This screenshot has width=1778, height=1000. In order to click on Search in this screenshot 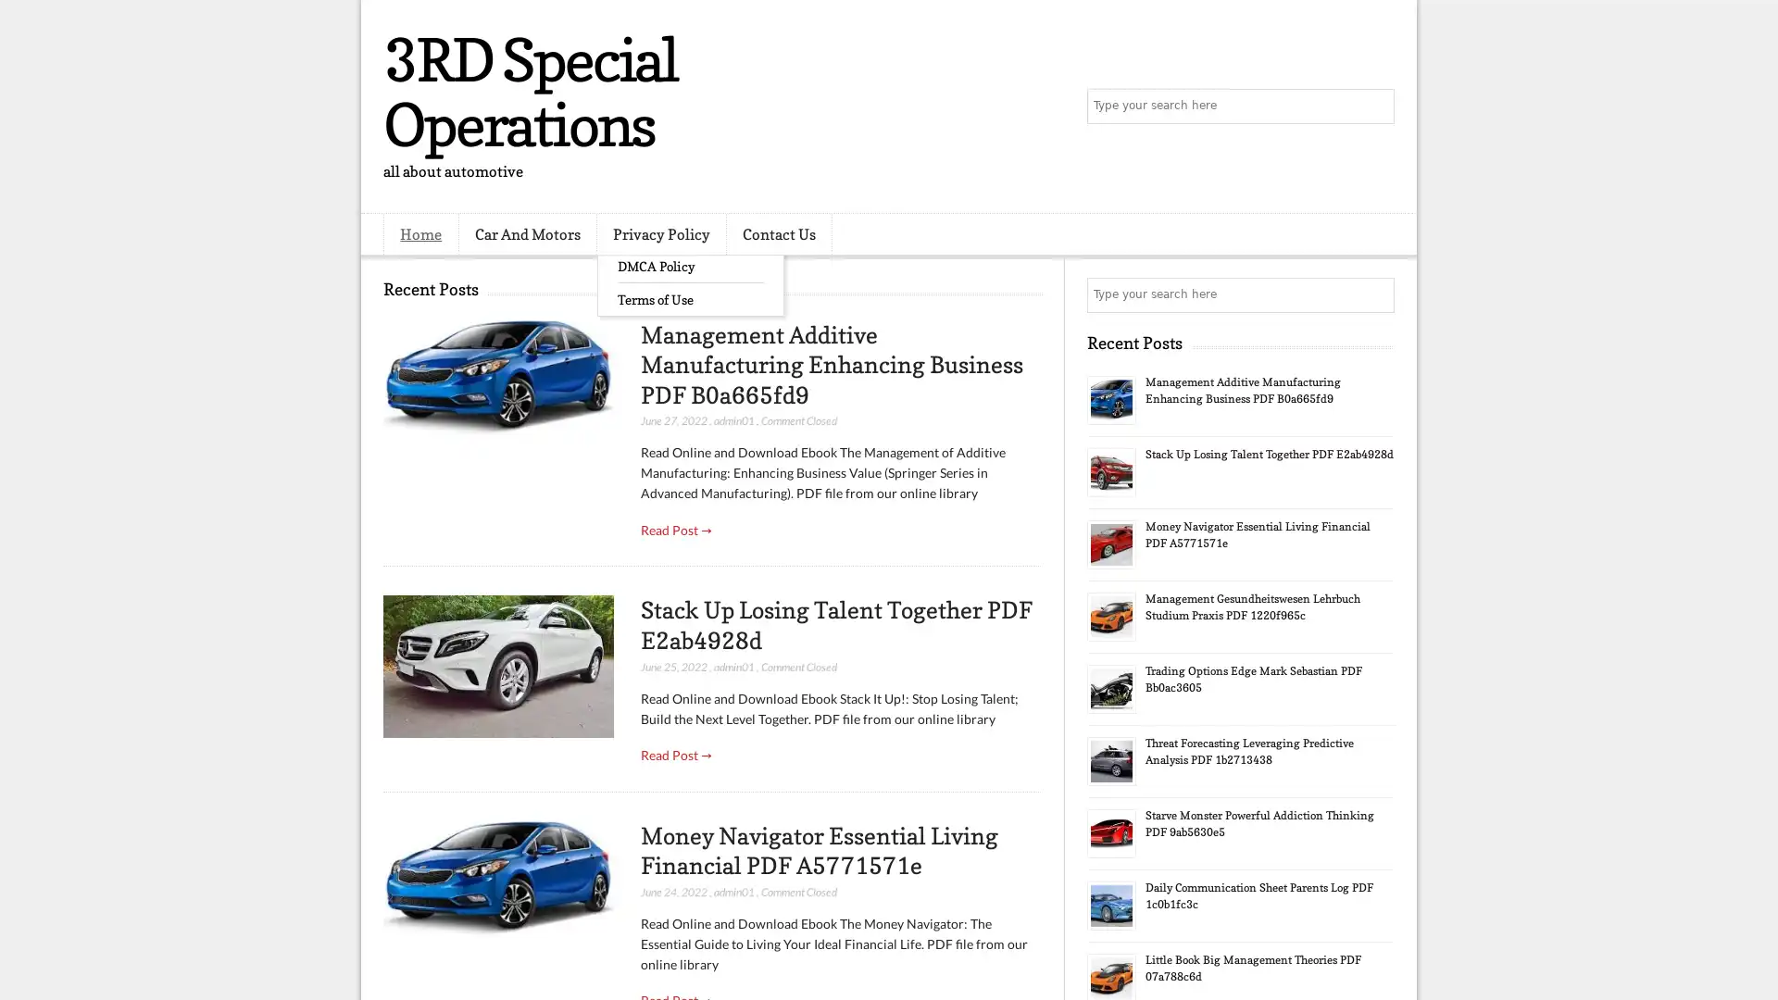, I will do `click(1375, 106)`.